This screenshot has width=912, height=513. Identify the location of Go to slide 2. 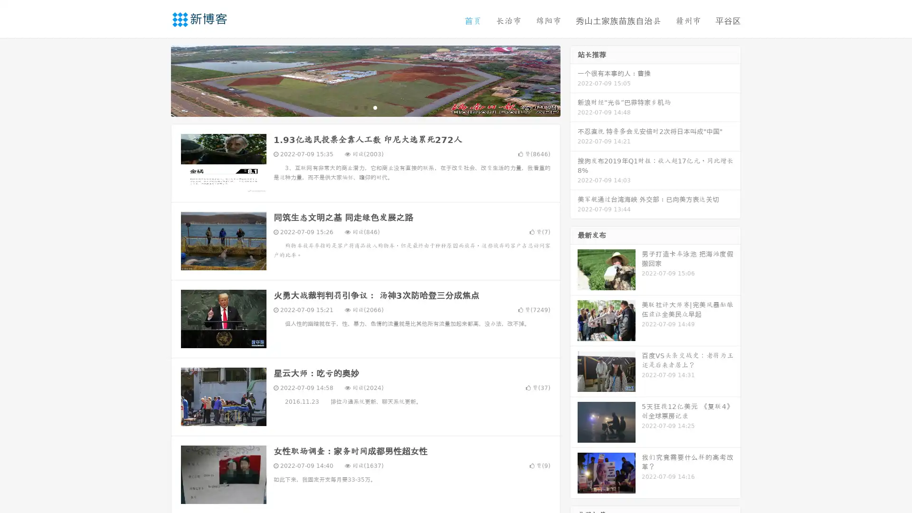
(365, 107).